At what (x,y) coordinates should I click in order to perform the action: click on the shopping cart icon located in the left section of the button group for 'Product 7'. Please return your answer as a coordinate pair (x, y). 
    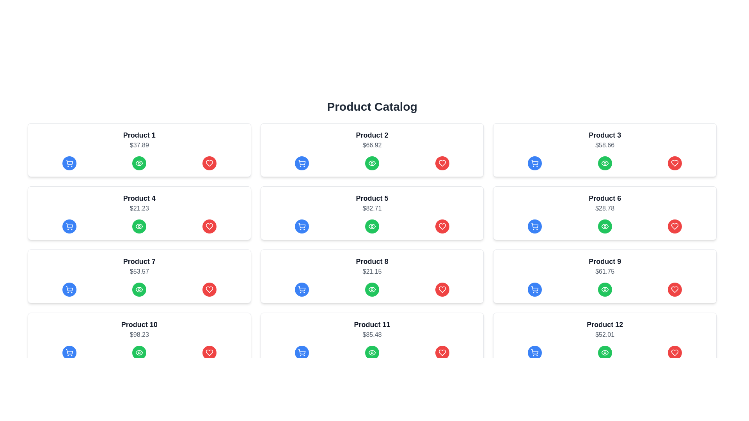
    Looking at the image, I should click on (69, 290).